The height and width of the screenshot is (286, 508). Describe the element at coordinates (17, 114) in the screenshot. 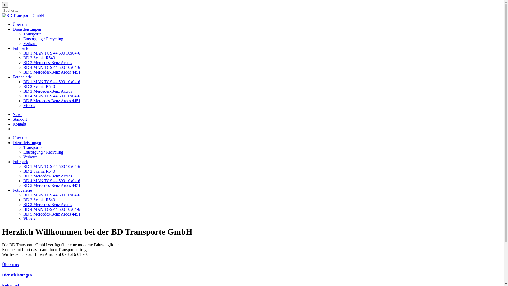

I see `'News'` at that location.